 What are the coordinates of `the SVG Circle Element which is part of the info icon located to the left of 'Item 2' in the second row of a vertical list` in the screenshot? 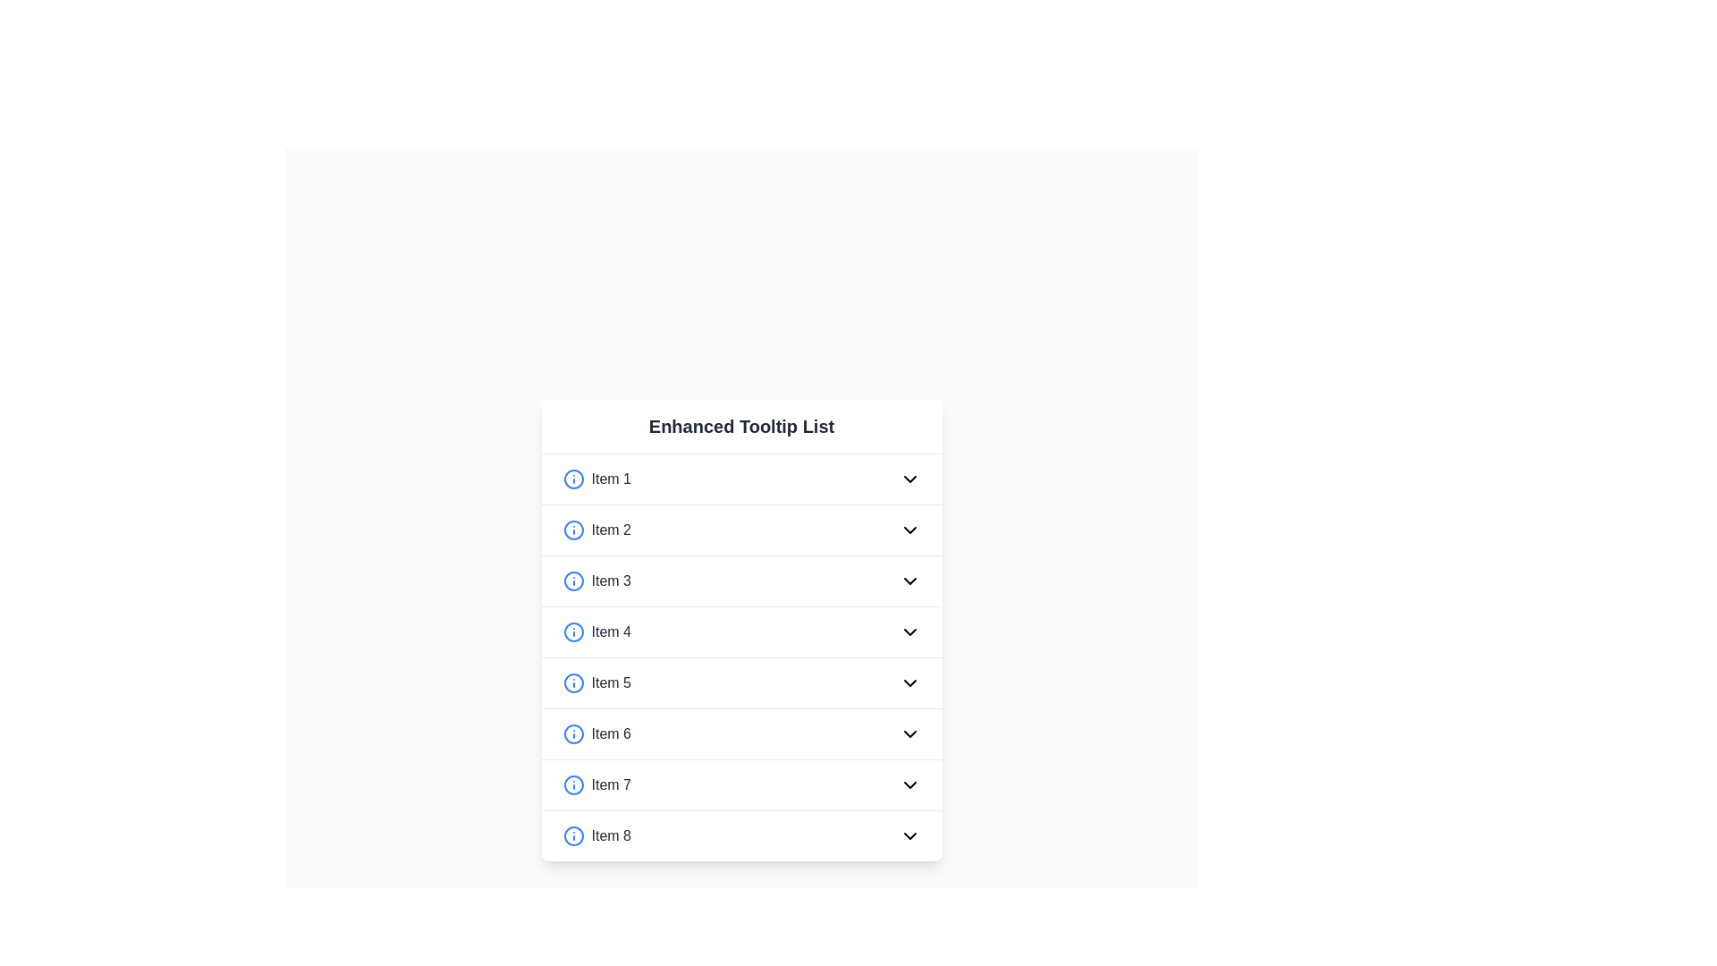 It's located at (573, 530).